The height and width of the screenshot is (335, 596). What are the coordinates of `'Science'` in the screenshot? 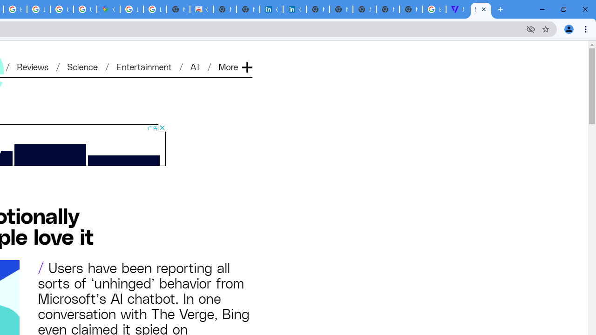 It's located at (82, 66).